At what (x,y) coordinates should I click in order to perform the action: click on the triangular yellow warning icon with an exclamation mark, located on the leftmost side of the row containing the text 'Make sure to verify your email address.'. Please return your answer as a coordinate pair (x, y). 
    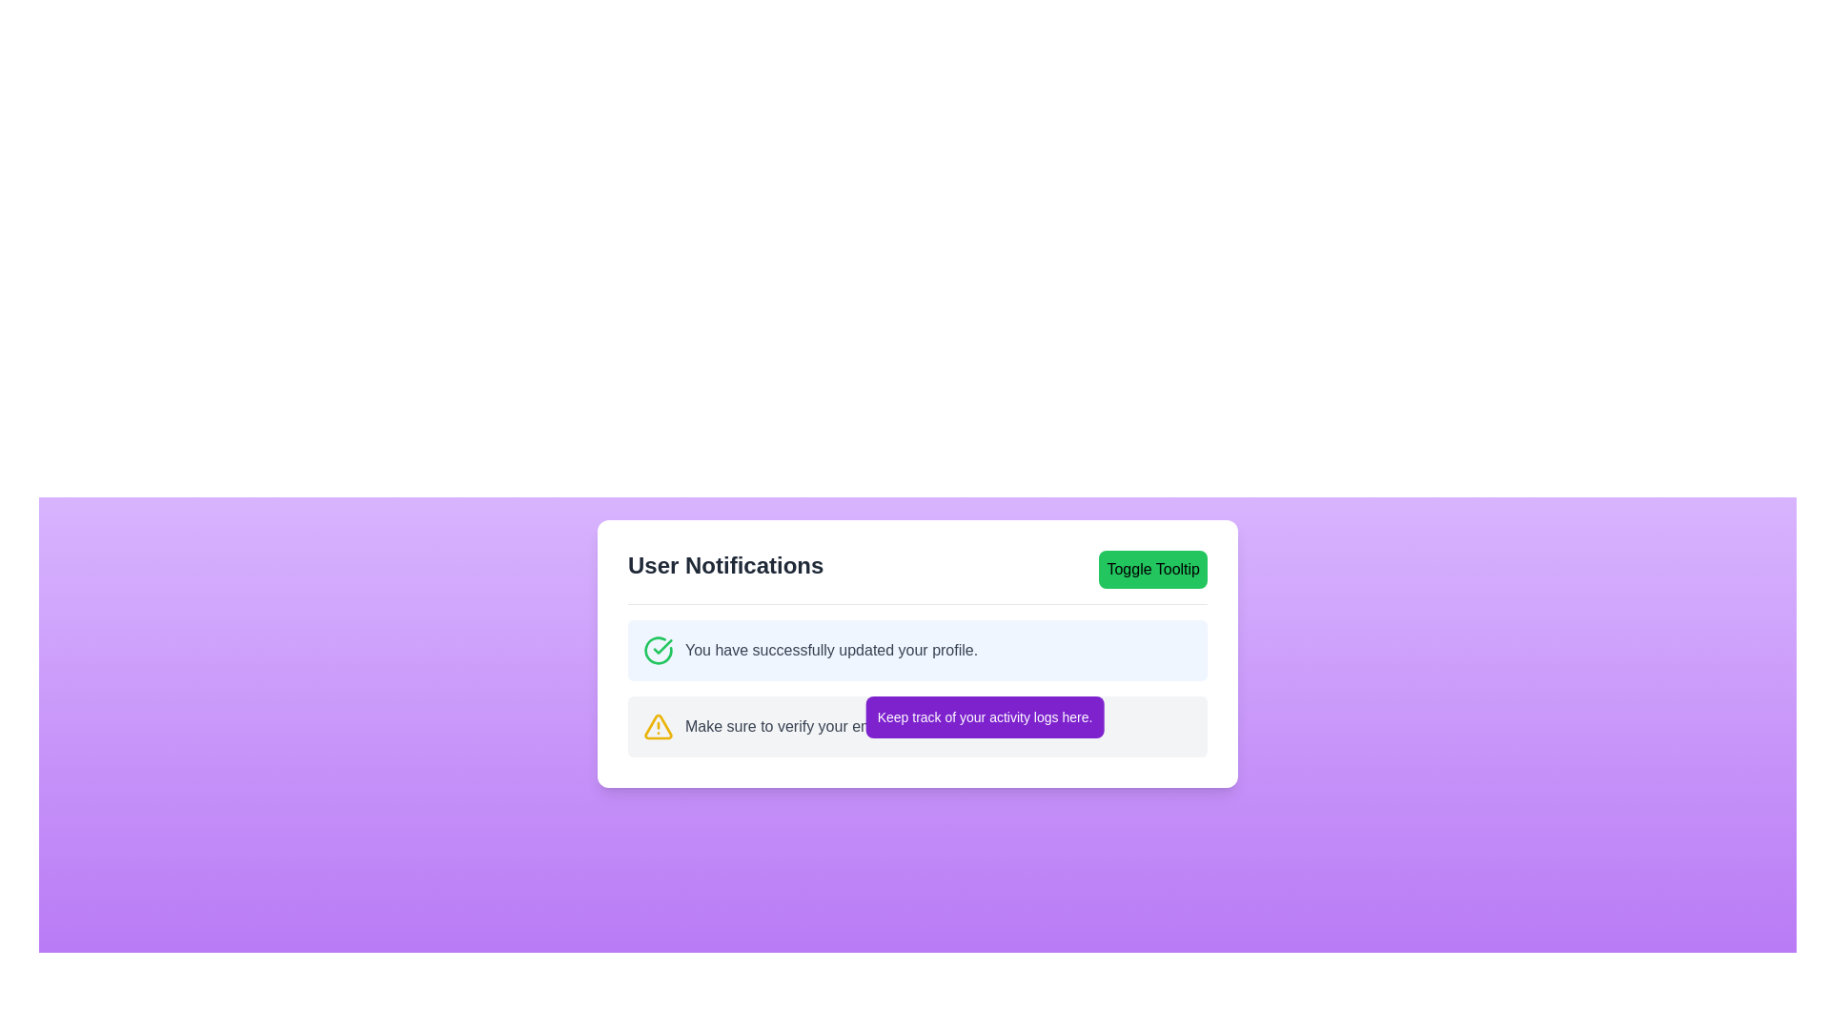
    Looking at the image, I should click on (659, 727).